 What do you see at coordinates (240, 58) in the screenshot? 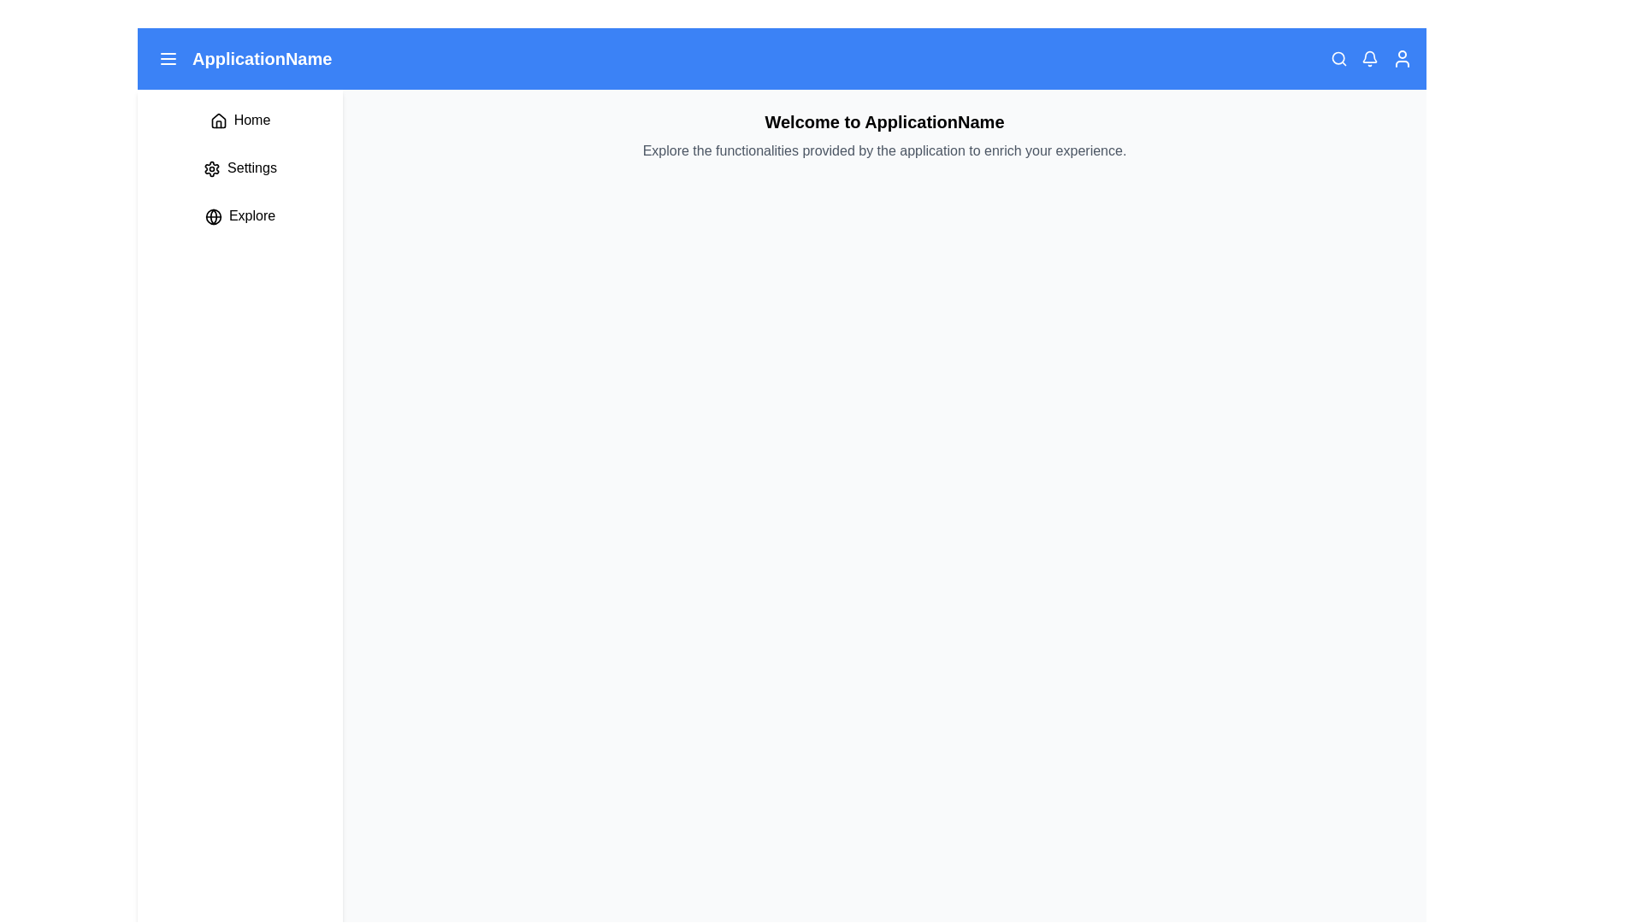
I see `the Static Text element labeled 'ApplicationName' in the top blue navigation bar, located to the right of the menu icon` at bounding box center [240, 58].